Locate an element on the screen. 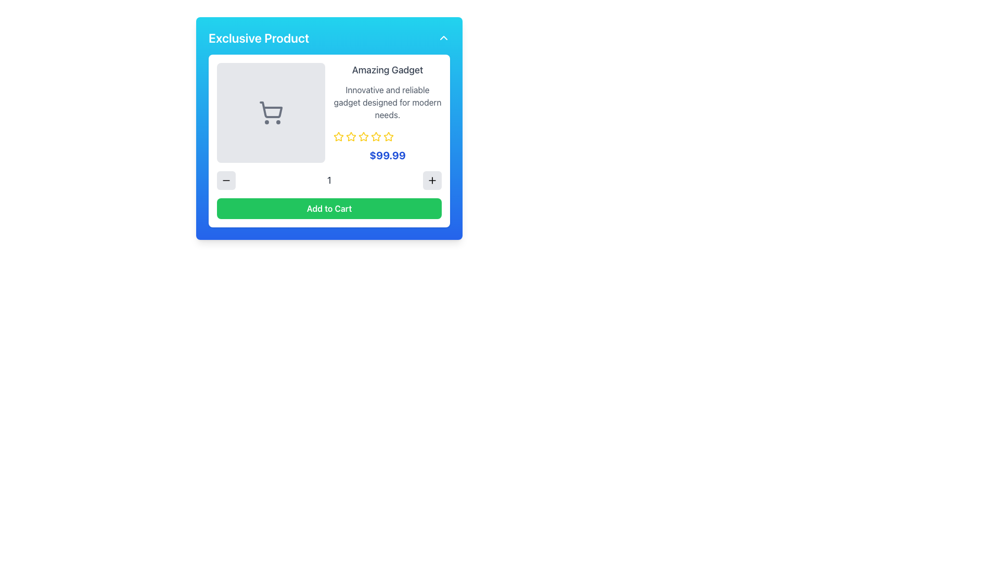 This screenshot has height=562, width=999. the third star icon in the rating system to rate it is located at coordinates (351, 136).